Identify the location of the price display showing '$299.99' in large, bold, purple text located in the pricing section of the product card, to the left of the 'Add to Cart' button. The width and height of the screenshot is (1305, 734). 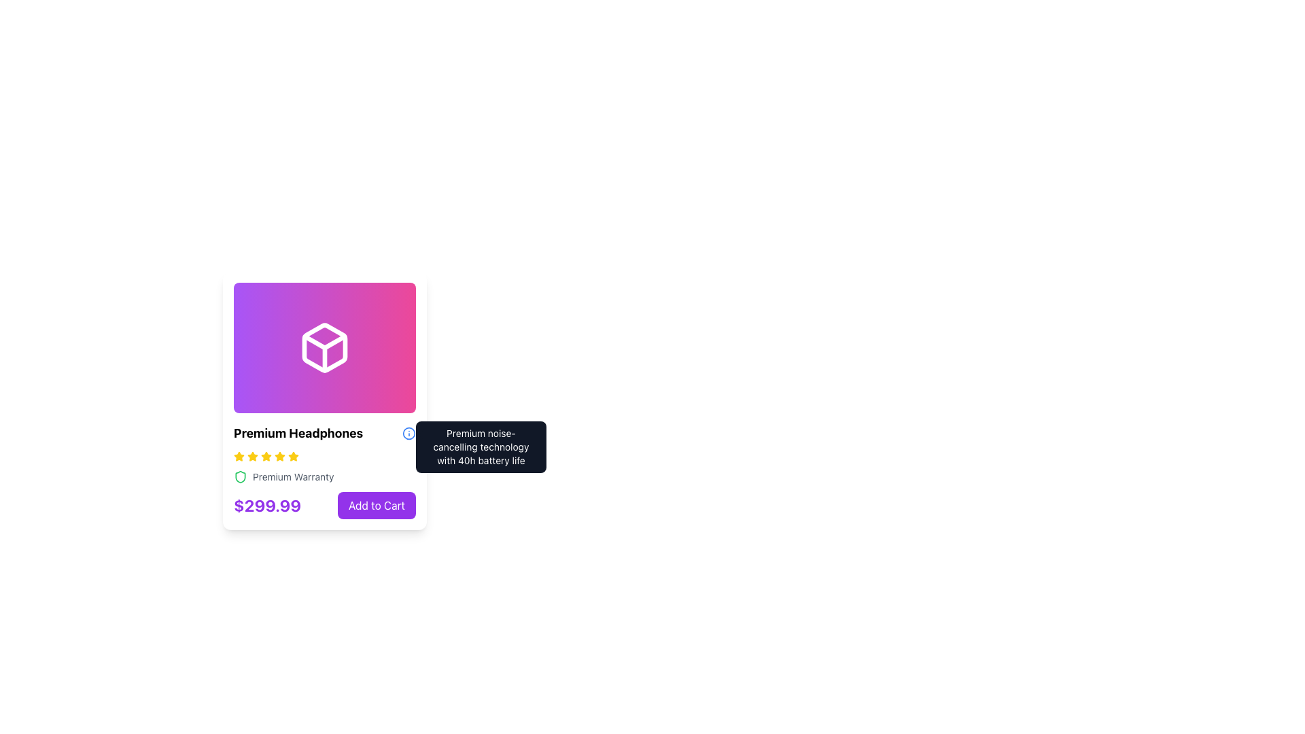
(267, 506).